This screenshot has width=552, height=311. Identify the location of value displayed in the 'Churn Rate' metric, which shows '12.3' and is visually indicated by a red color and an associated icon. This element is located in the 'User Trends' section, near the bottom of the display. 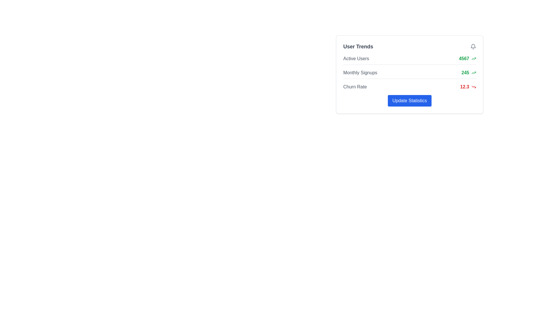
(468, 87).